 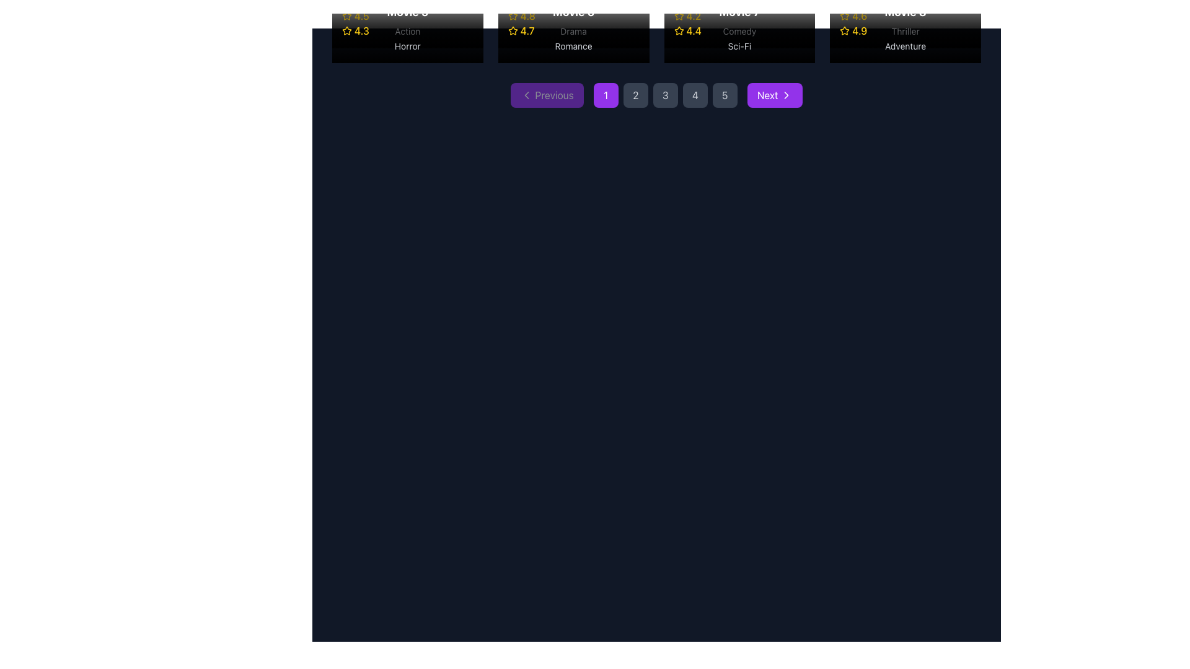 What do you see at coordinates (664, 95) in the screenshot?
I see `the circular button labeled '3' which is medium gray with white text` at bounding box center [664, 95].